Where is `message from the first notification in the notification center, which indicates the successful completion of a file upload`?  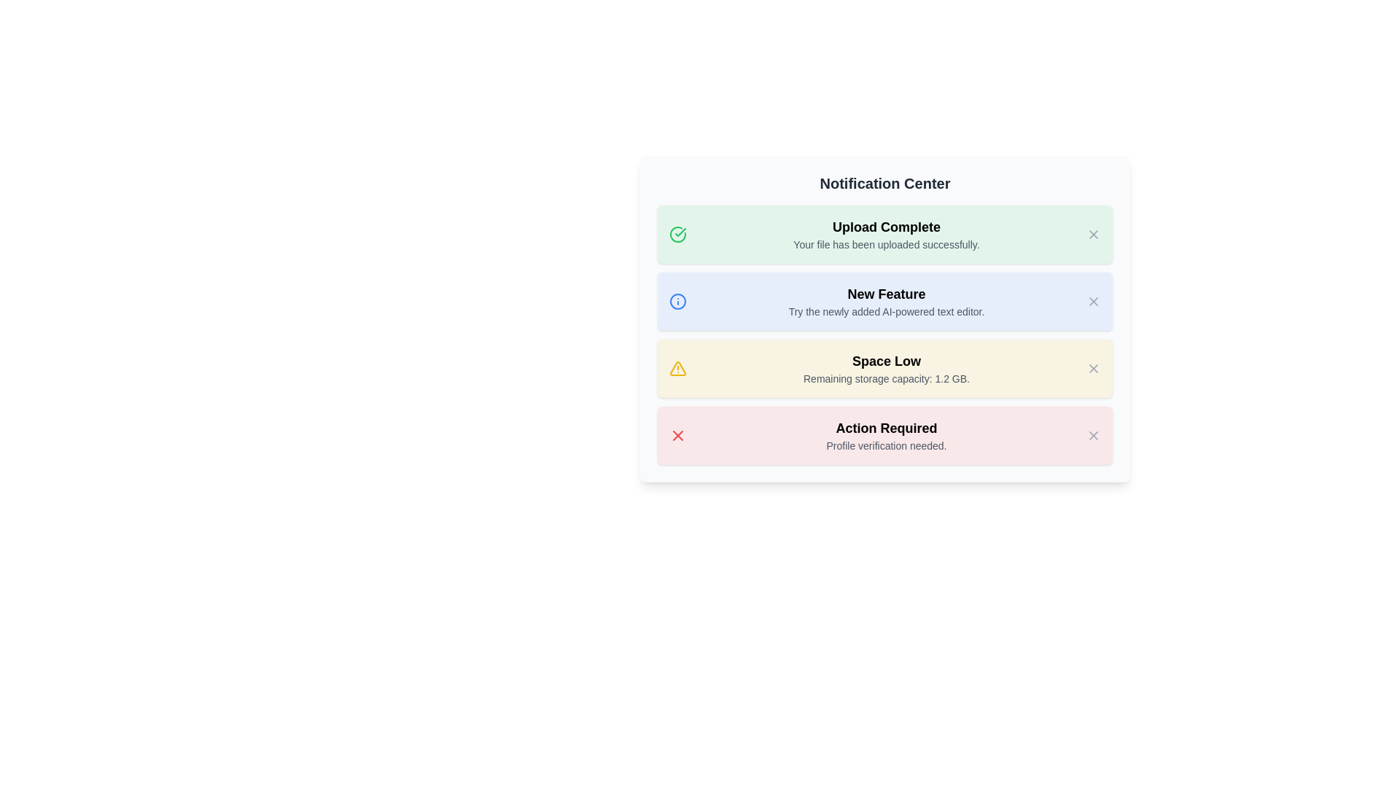
message from the first notification in the notification center, which indicates the successful completion of a file upload is located at coordinates (885, 233).